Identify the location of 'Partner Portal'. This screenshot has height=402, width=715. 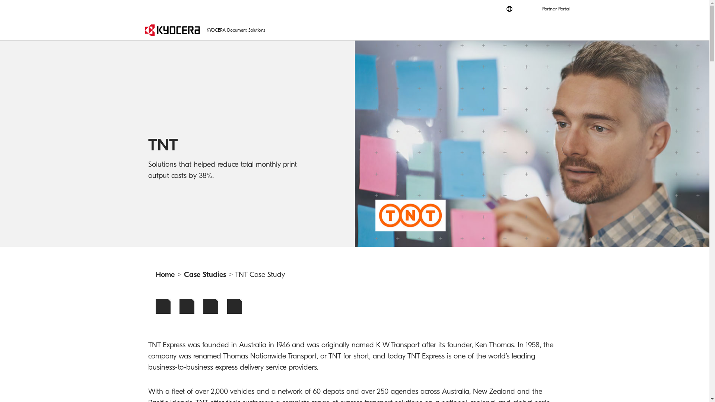
(556, 9).